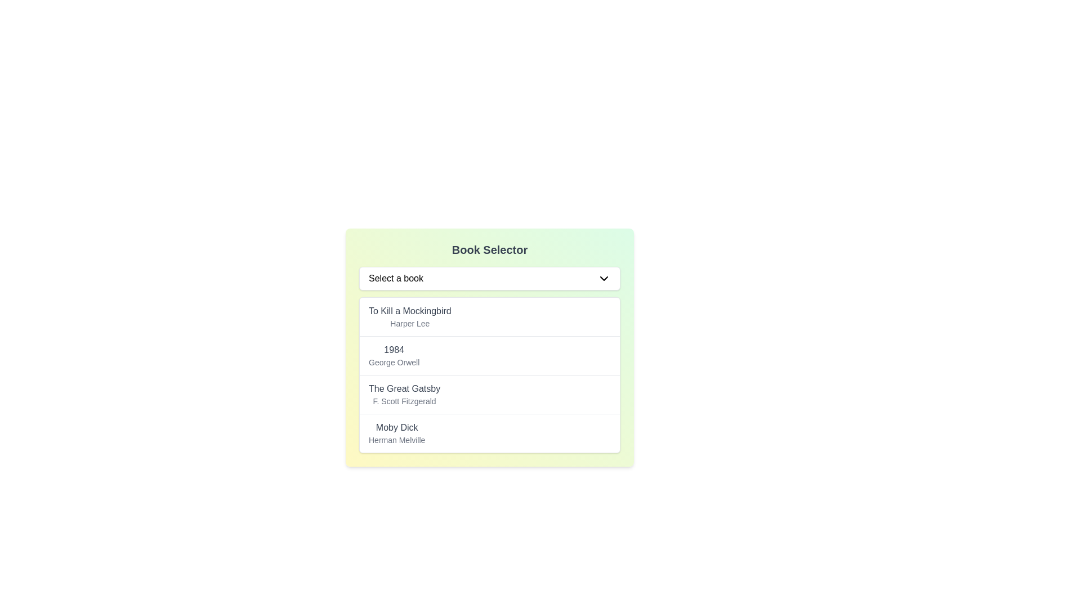 The height and width of the screenshot is (608, 1081). Describe the element at coordinates (404, 394) in the screenshot. I see `the third entry in the 'Book Selector' dropdown list` at that location.